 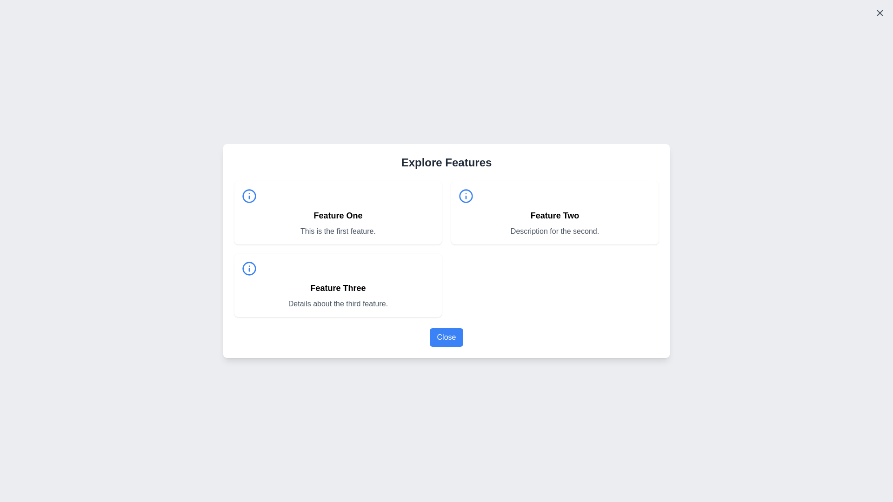 I want to click on the Informational card that describes the third feature, located in the bottom-left area of the grid layout, positioned below 'Feature One' and 'Feature Two', so click(x=337, y=284).